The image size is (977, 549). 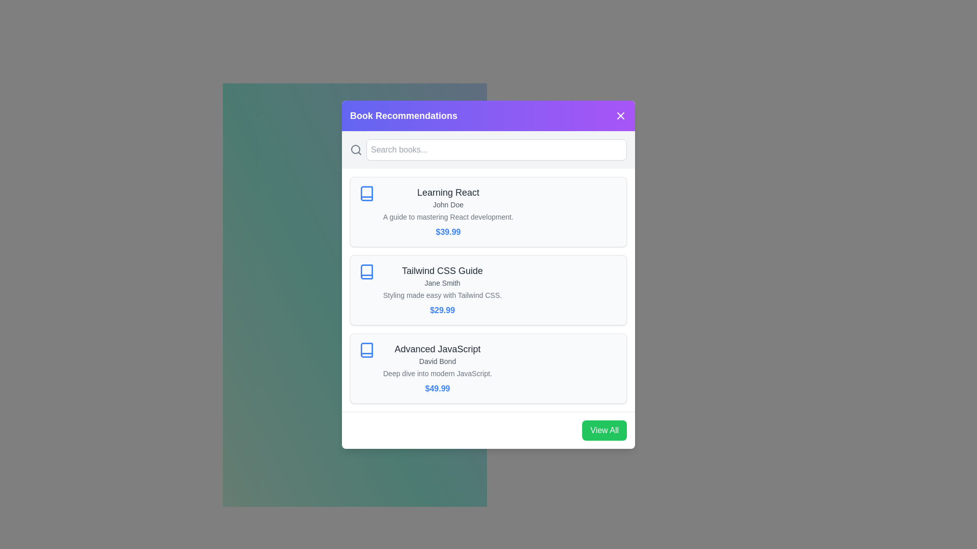 What do you see at coordinates (437, 368) in the screenshot?
I see `the course listing for 'Advanced JavaScript' by 'David Bond' in the modal dialog` at bounding box center [437, 368].